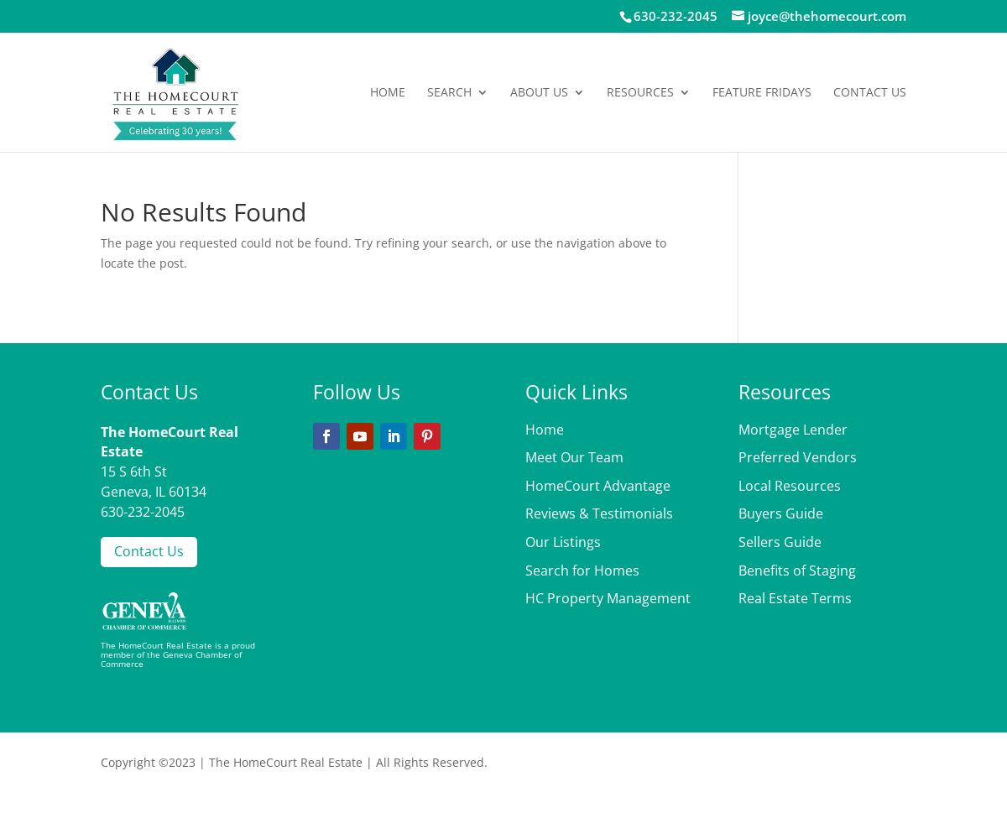 The height and width of the screenshot is (839, 1007). Describe the element at coordinates (683, 455) in the screenshot. I see `'First Time Tips'` at that location.